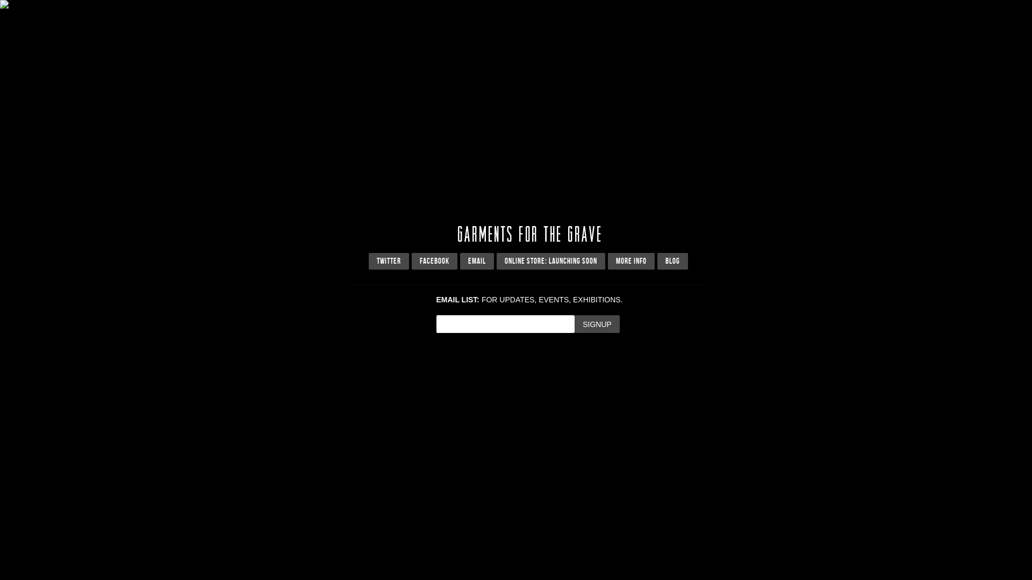  I want to click on 'ONLINE STORE: LAUNCHING SOON', so click(551, 261).